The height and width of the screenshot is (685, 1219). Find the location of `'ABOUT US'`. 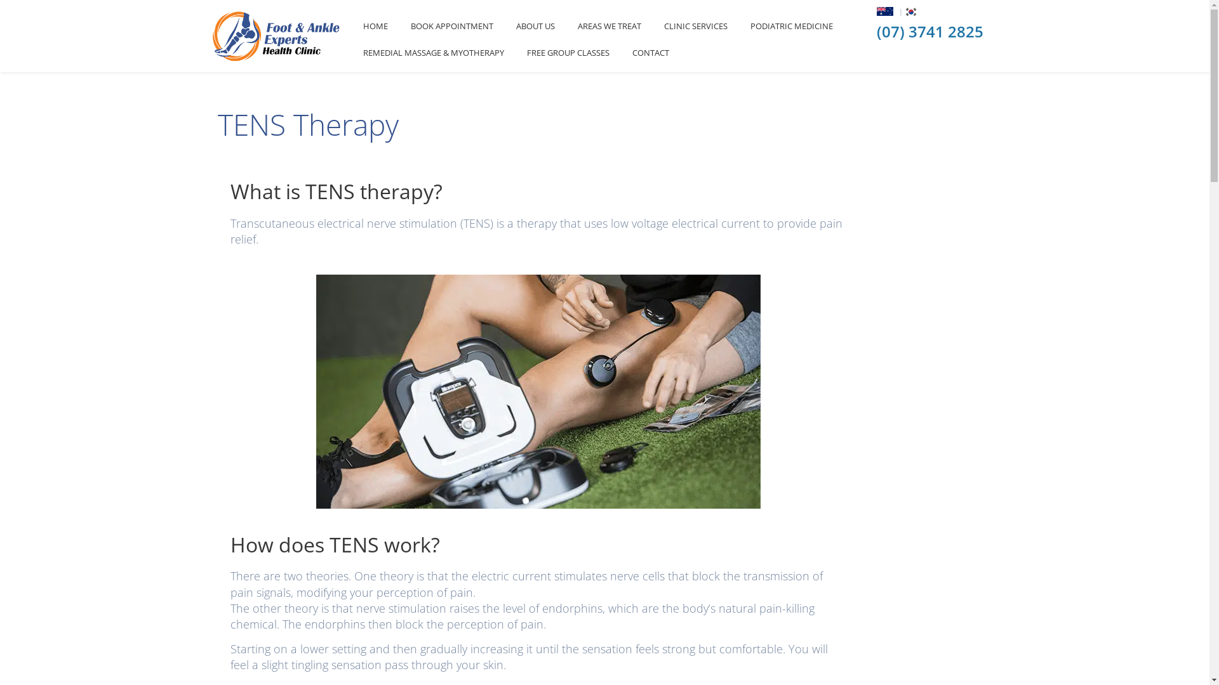

'ABOUT US' is located at coordinates (535, 26).